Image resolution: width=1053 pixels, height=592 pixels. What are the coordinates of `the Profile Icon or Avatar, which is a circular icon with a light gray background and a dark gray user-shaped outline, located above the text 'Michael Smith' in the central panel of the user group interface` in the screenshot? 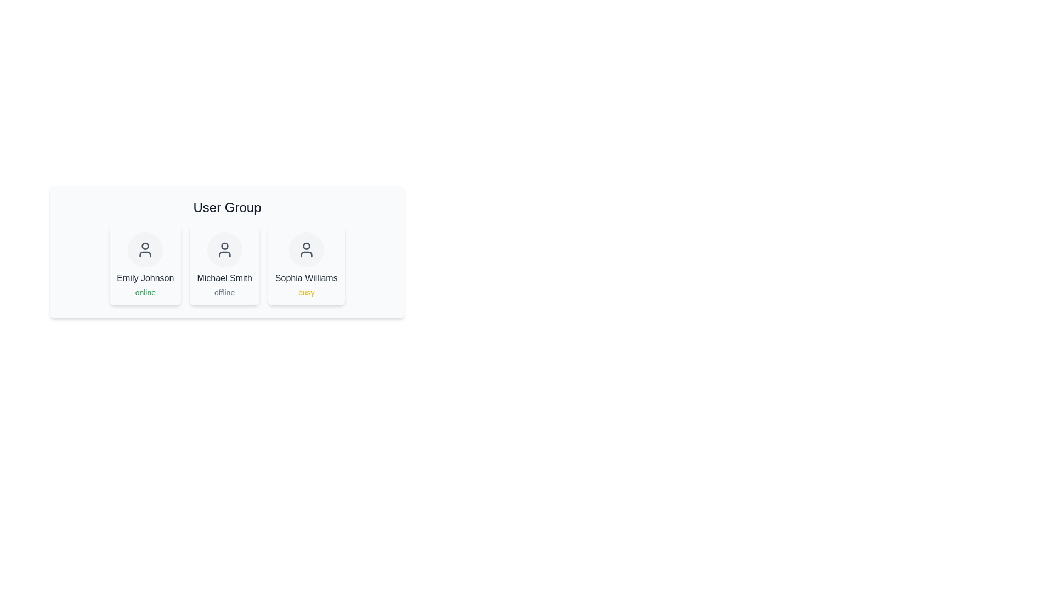 It's located at (224, 249).